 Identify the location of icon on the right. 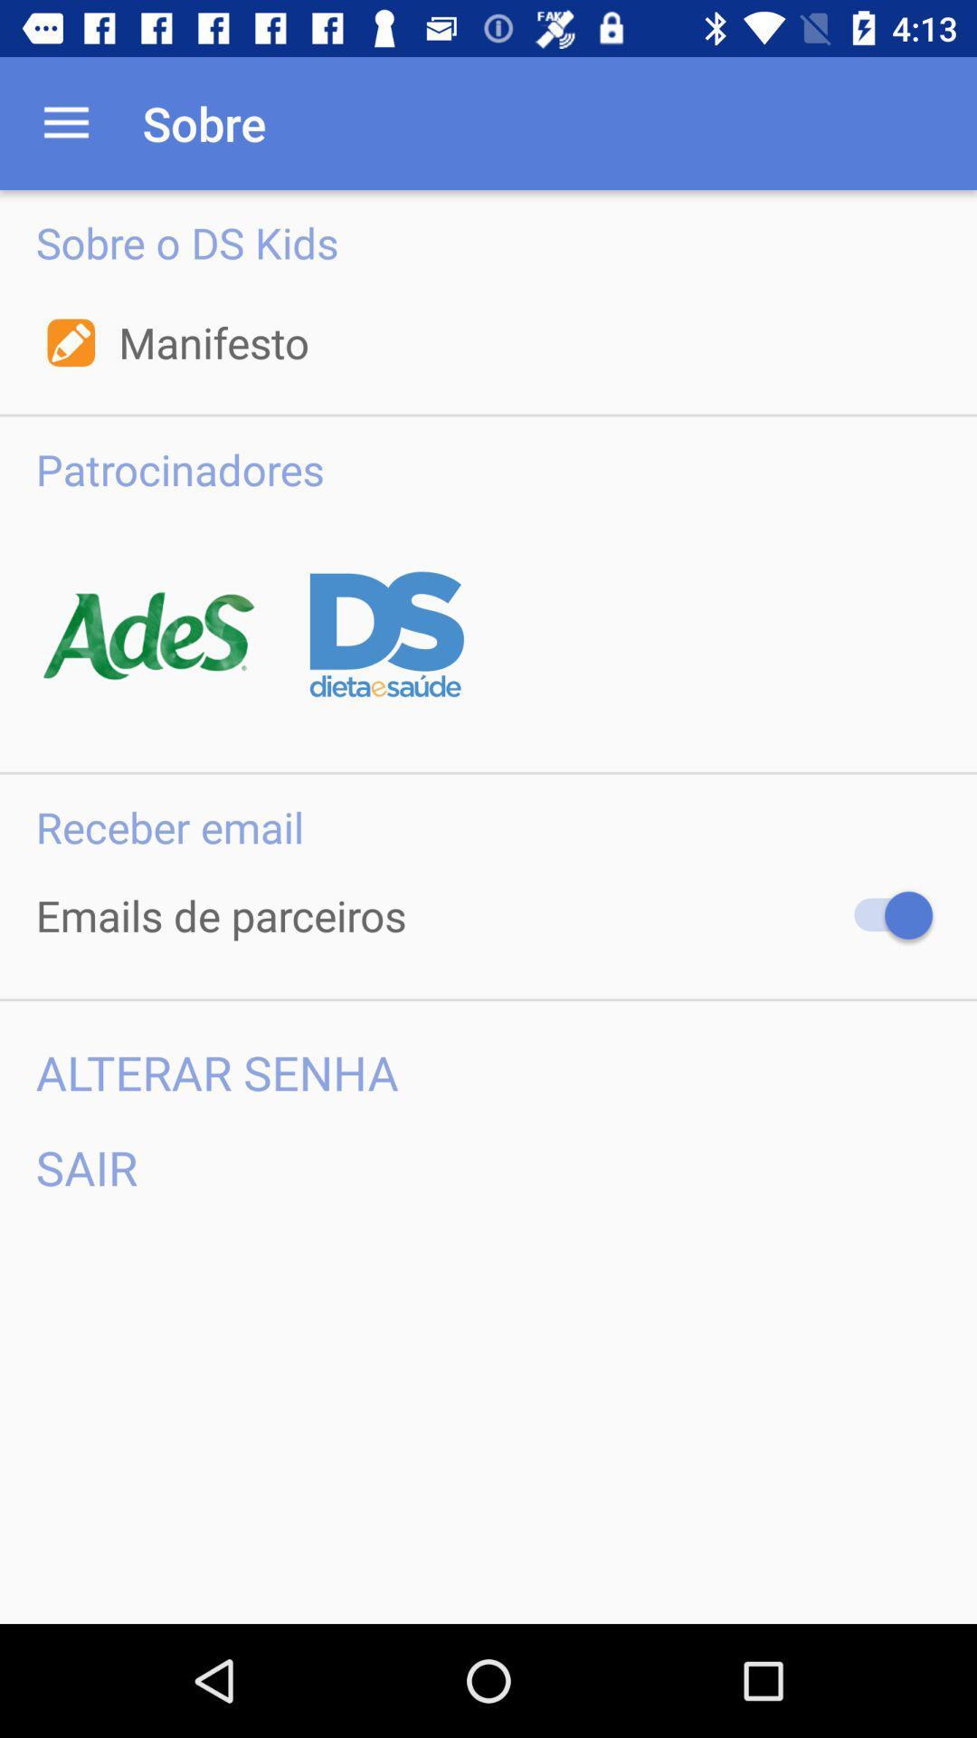
(884, 915).